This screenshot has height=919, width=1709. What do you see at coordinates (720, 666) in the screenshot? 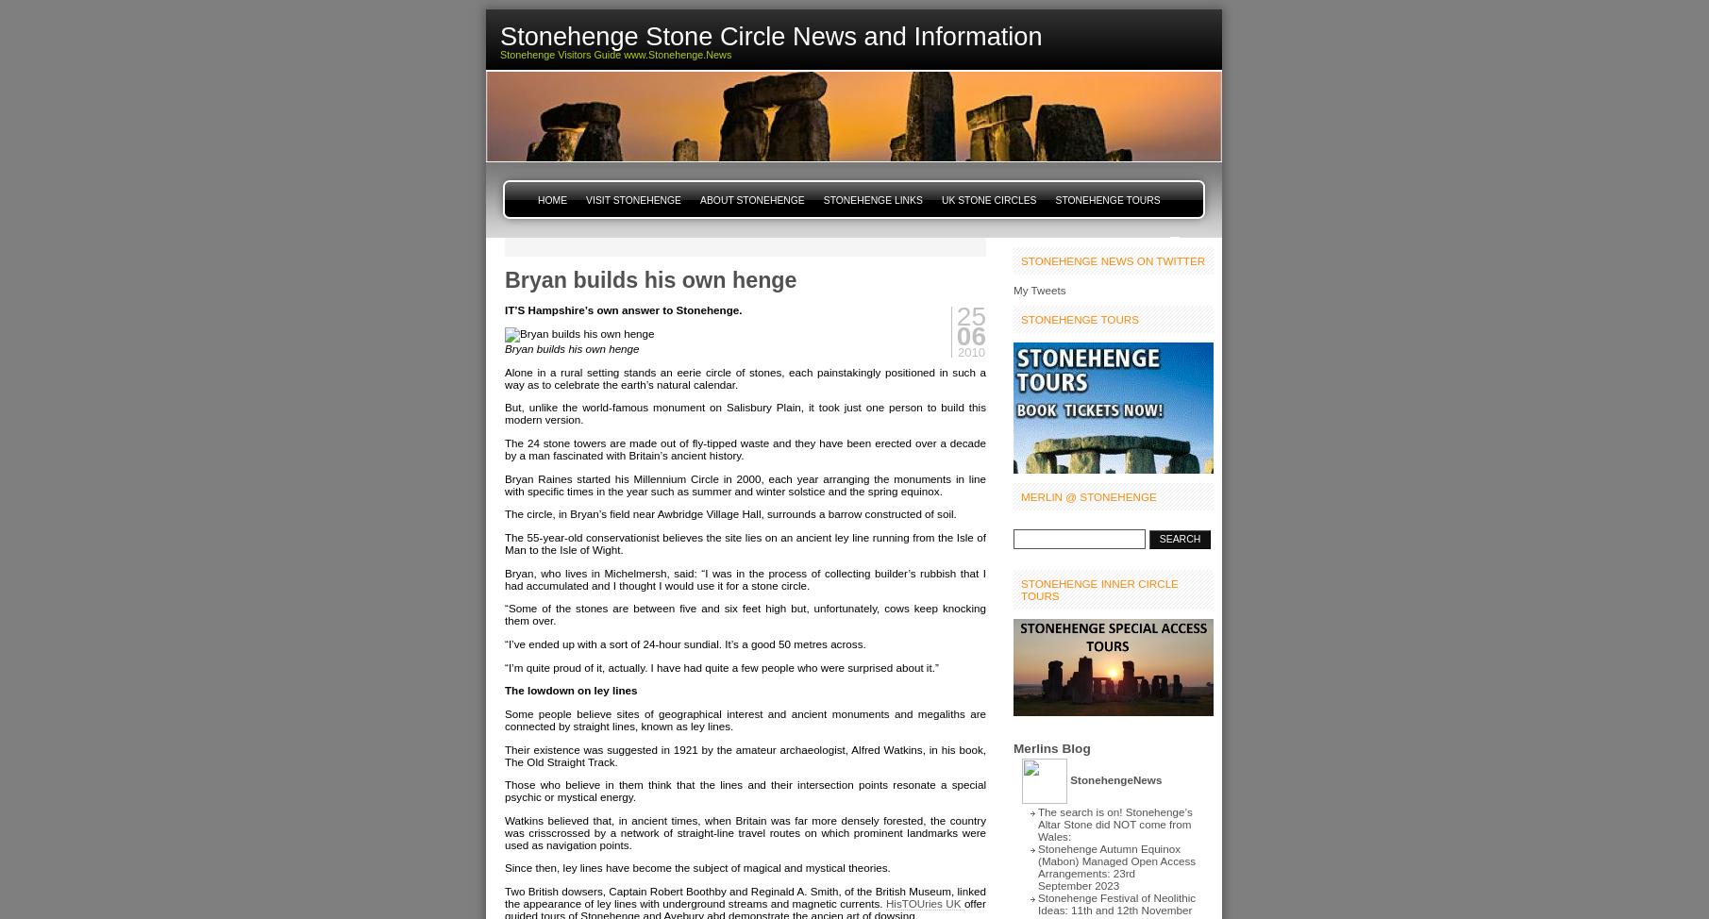
I see `'“I’m quite proud of it, actually. I have had quite a few people who were surprised about it.”'` at bounding box center [720, 666].